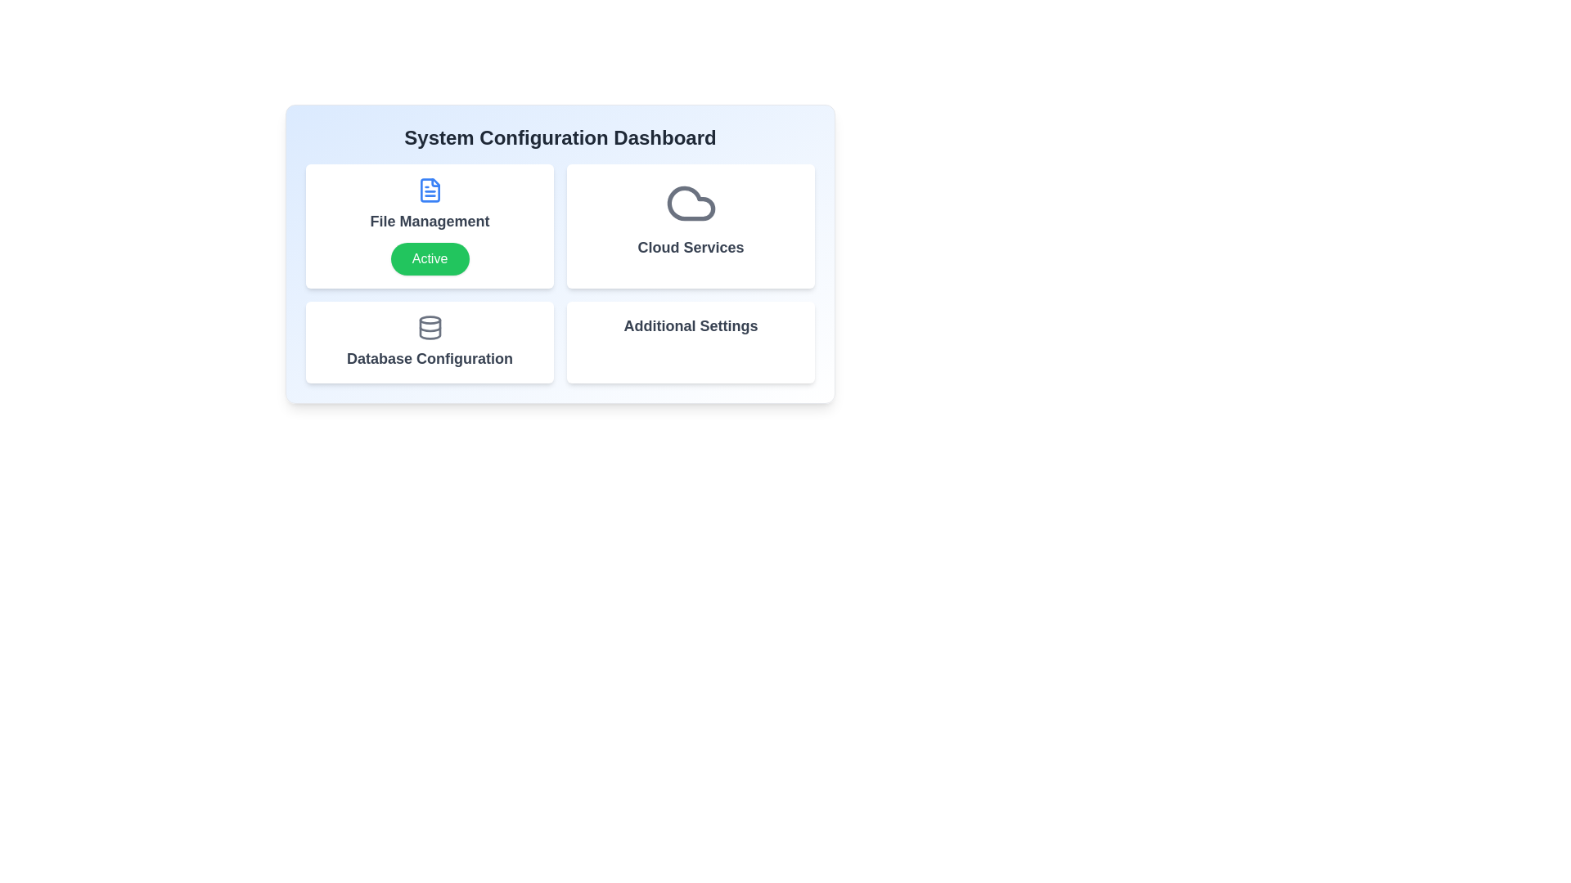  What do you see at coordinates (430, 358) in the screenshot?
I see `the text label that serves as the header for the 'Database Configuration' module, located in the lower left quadrant of the dashboard's main content area, directly below the database icon` at bounding box center [430, 358].